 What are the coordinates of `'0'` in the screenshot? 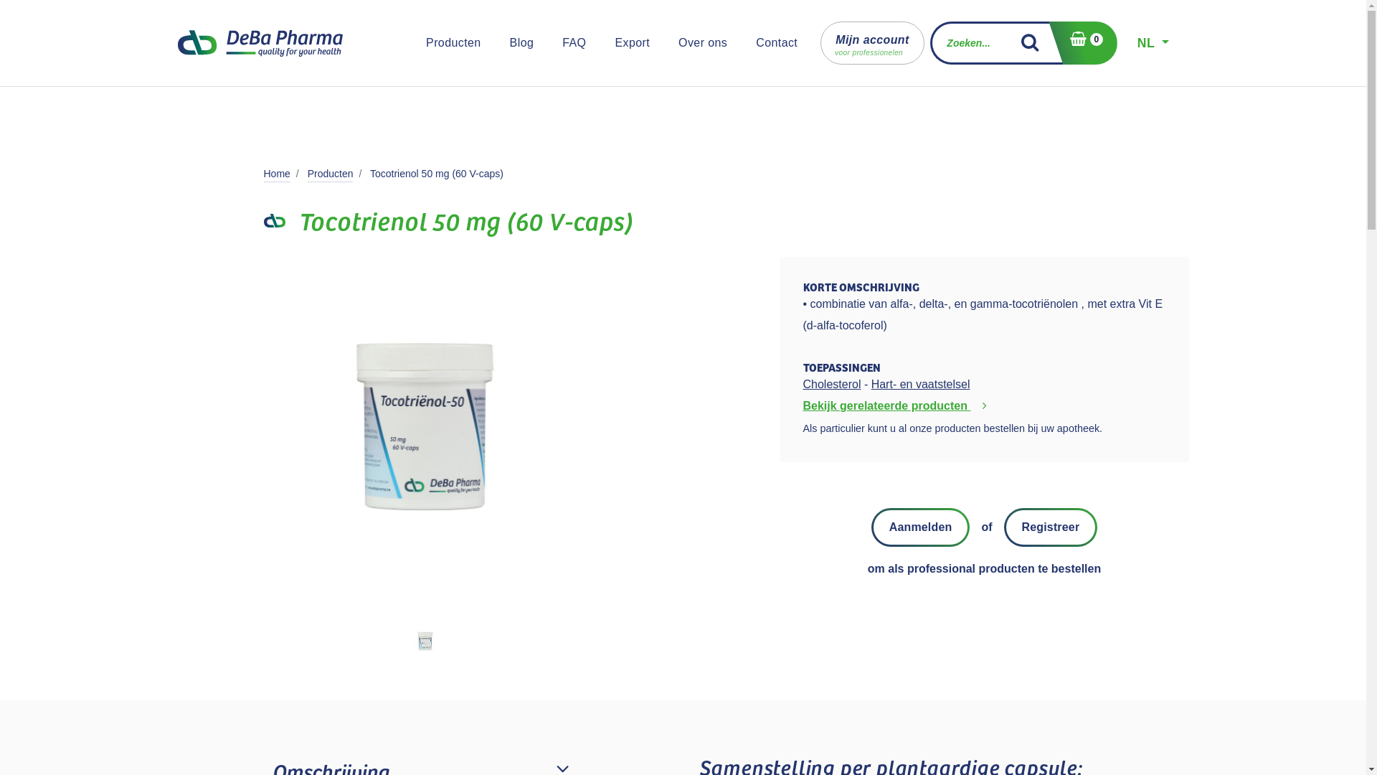 It's located at (1082, 42).